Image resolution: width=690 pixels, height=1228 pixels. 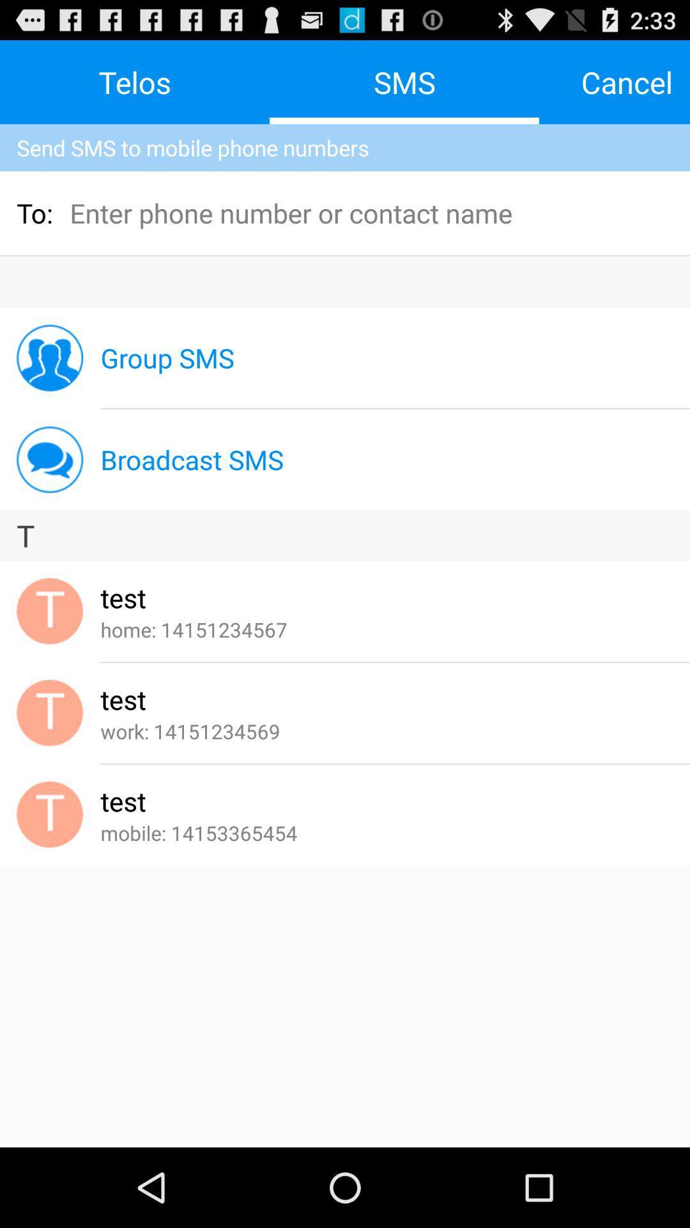 I want to click on group sms app, so click(x=167, y=358).